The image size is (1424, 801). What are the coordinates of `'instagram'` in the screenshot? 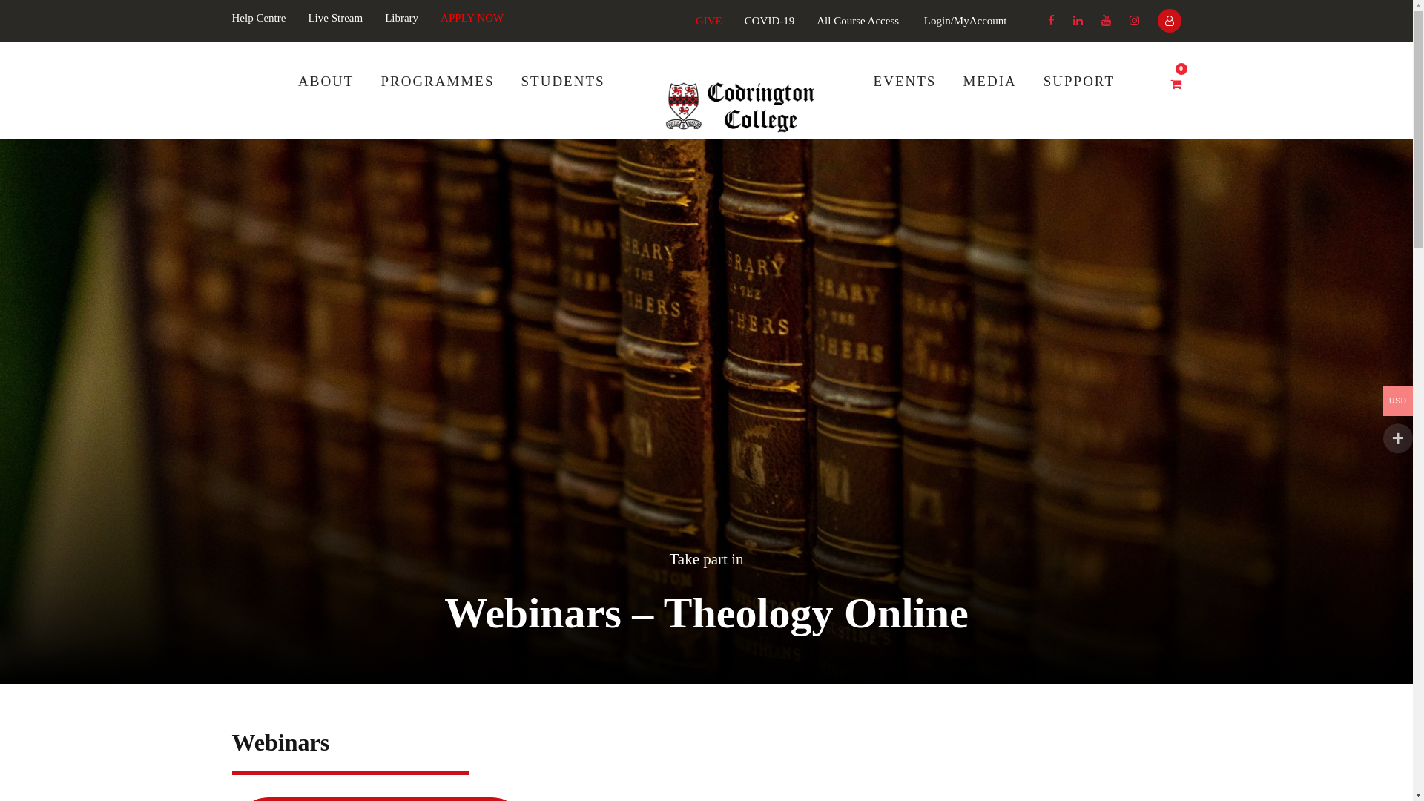 It's located at (1133, 20).